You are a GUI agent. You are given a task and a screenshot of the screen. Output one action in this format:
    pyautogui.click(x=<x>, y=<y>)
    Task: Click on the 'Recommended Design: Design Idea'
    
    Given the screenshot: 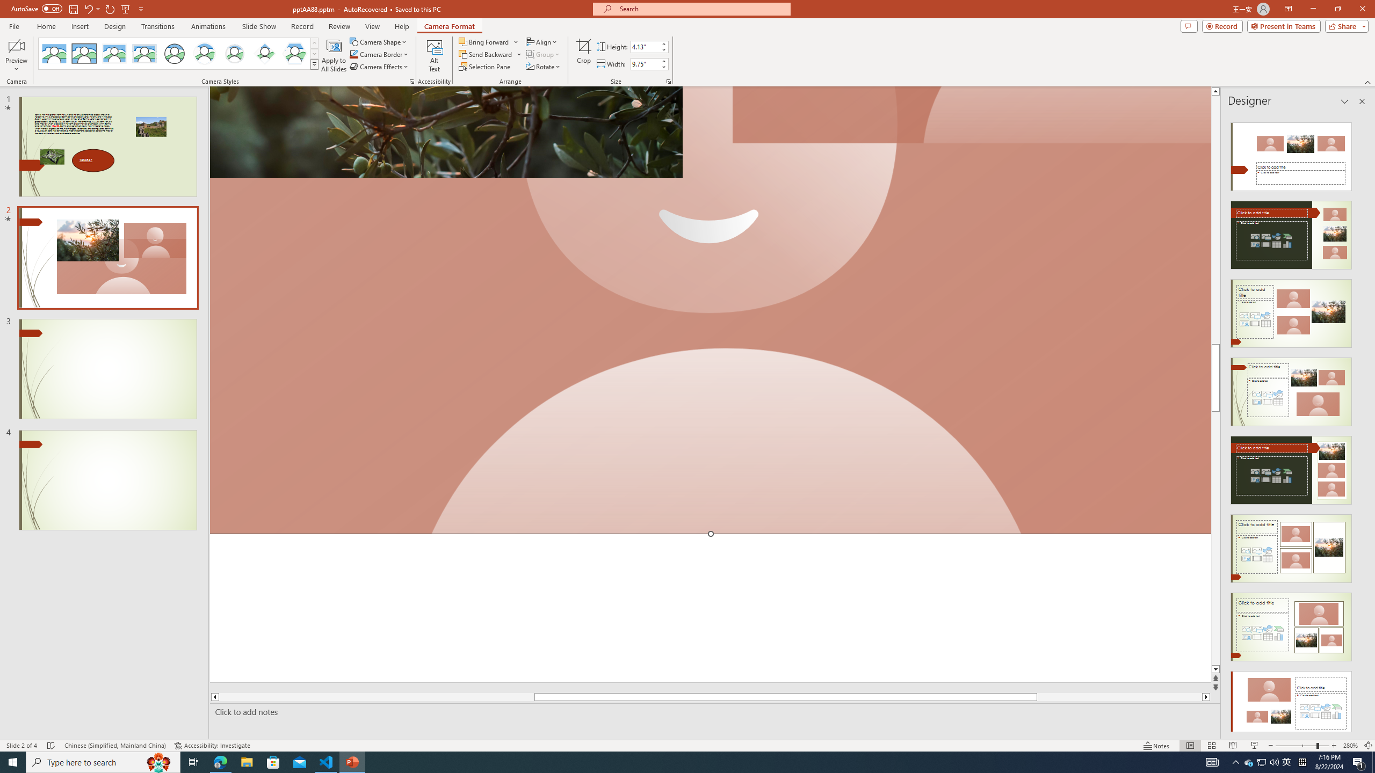 What is the action you would take?
    pyautogui.click(x=1290, y=152)
    